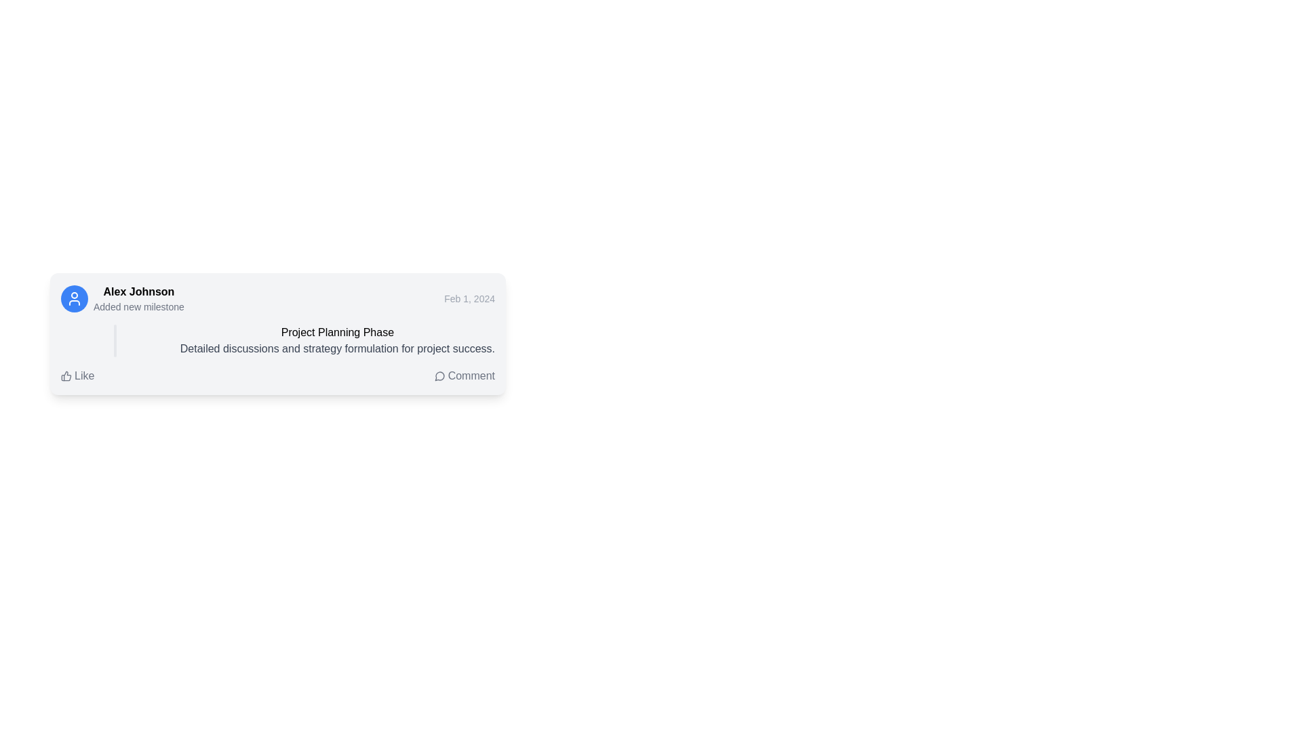 The height and width of the screenshot is (732, 1302). What do you see at coordinates (277, 376) in the screenshot?
I see `the 'Like' button located on the left side of the Interactive button group at the bottom of the card to like the content` at bounding box center [277, 376].